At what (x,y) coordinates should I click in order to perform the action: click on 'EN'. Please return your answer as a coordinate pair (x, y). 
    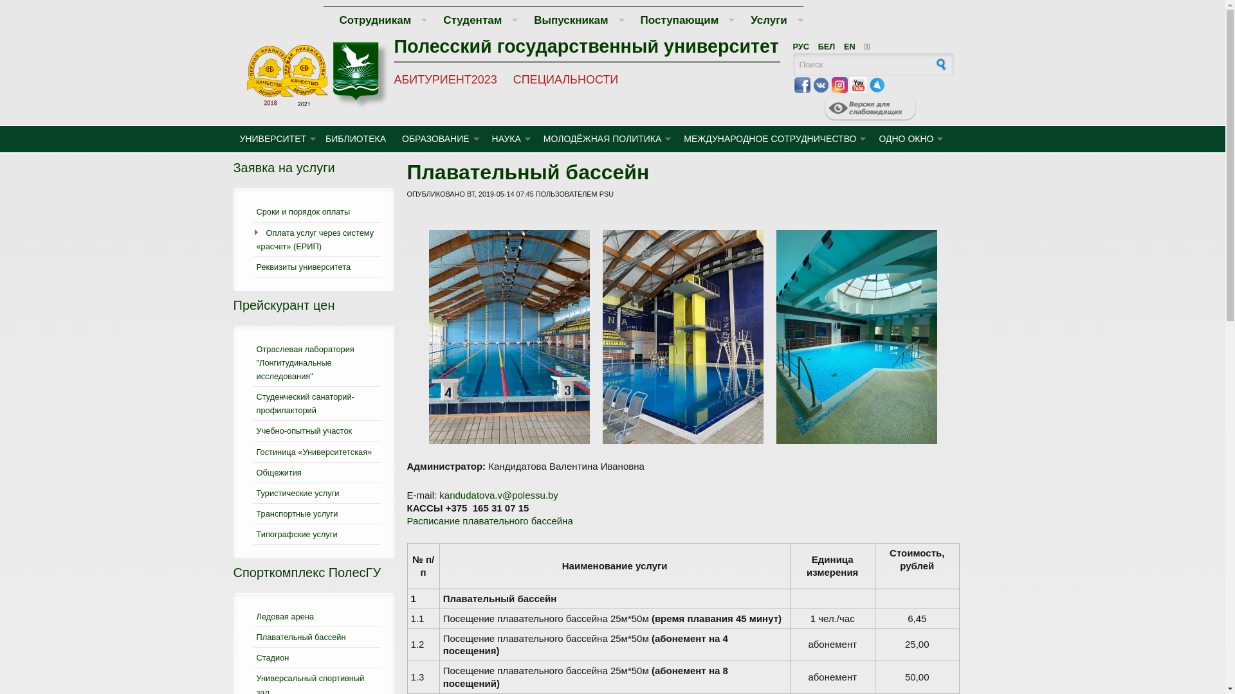
    Looking at the image, I should click on (849, 46).